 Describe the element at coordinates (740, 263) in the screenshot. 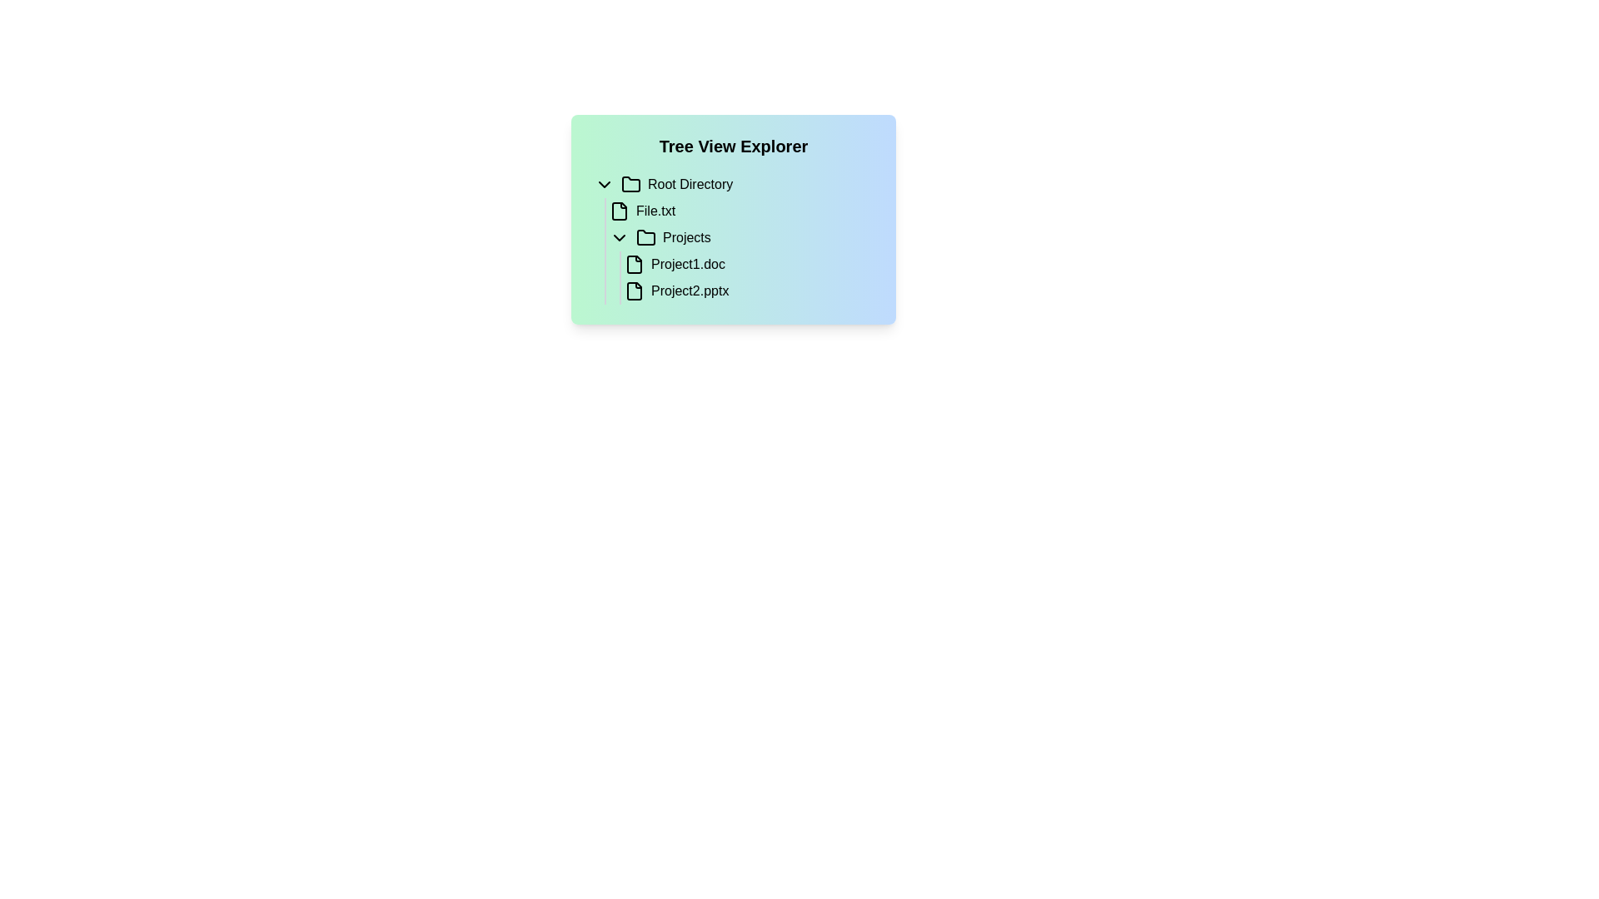

I see `the list item representing the file 'Project1.doc'` at that location.